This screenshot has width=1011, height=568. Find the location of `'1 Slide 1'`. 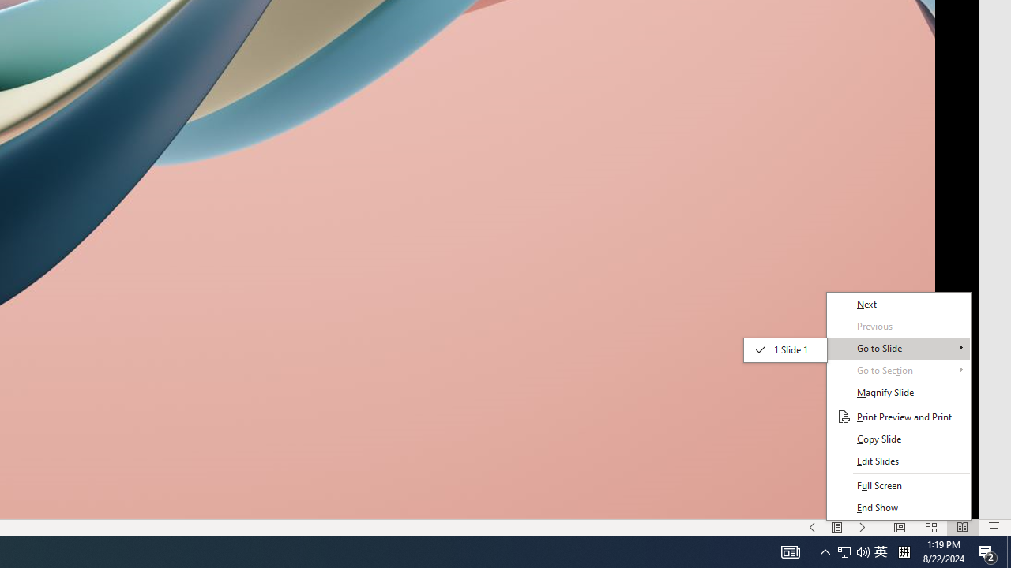

'1 Slide 1' is located at coordinates (785, 349).